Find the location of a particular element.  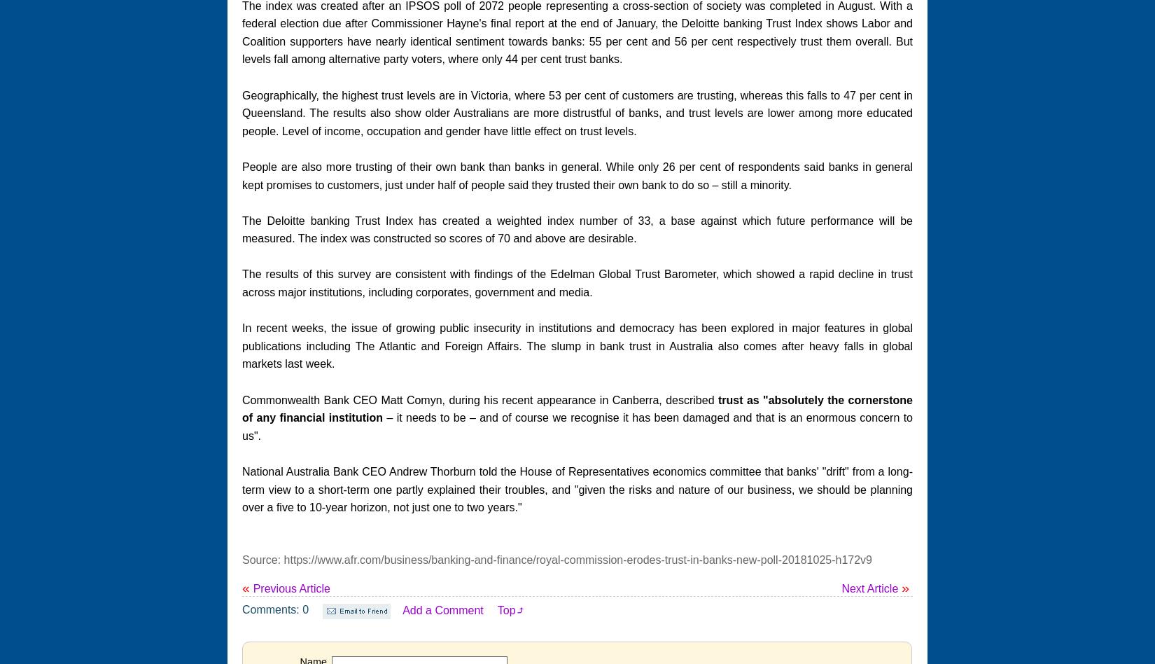

'The results of this survey are consistent with findings of the Edelman Global Trust Barometer, which showed a rapid decline in trust across major institutions, including corporates, government and media.' is located at coordinates (242, 282).